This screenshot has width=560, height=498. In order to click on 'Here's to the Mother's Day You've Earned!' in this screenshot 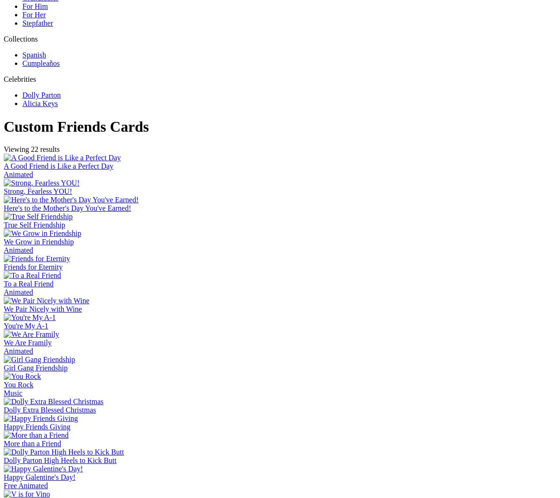, I will do `click(4, 208)`.